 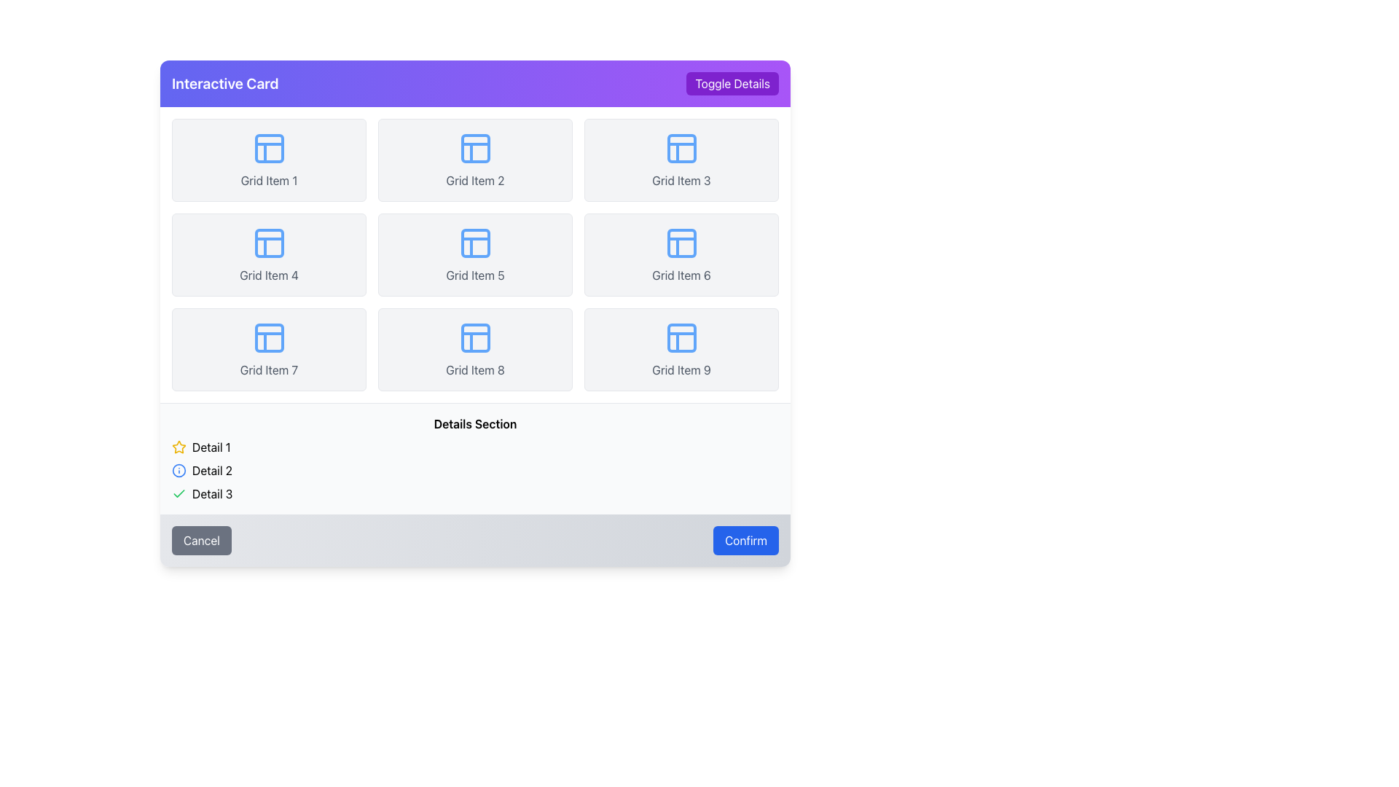 I want to click on the Decorative SVG vector graphic located in the top-right grid item labeled 'Grid Item 3'. This element visually represents part of an SVG-based icon and has no interactive properties, so click(x=681, y=149).